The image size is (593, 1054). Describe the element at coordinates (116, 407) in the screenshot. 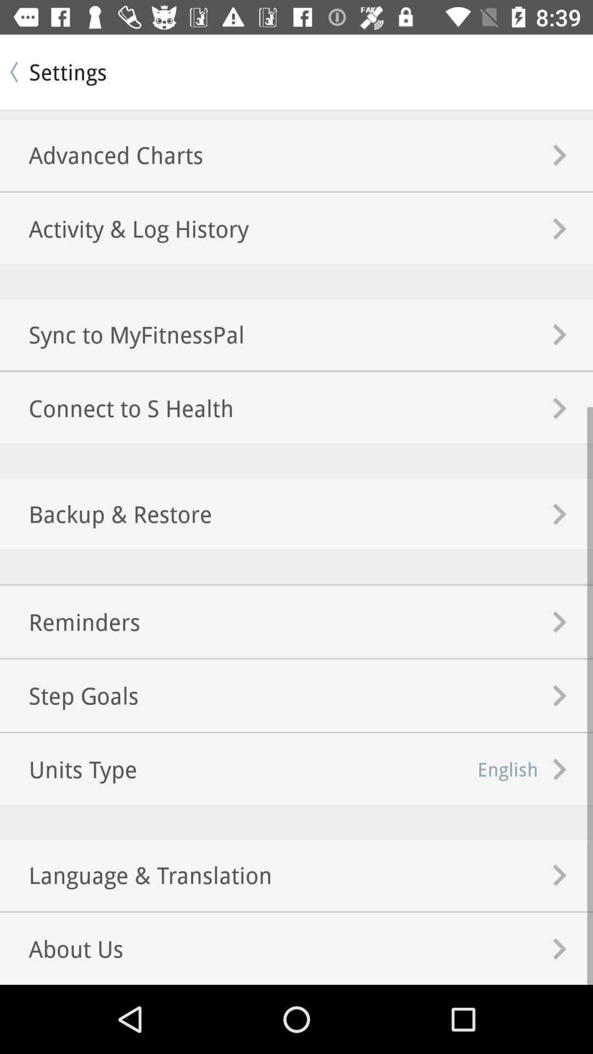

I see `connect to s icon` at that location.